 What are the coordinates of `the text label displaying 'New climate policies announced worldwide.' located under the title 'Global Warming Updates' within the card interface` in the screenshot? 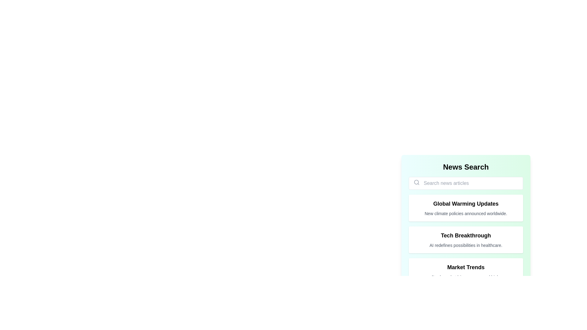 It's located at (465, 213).